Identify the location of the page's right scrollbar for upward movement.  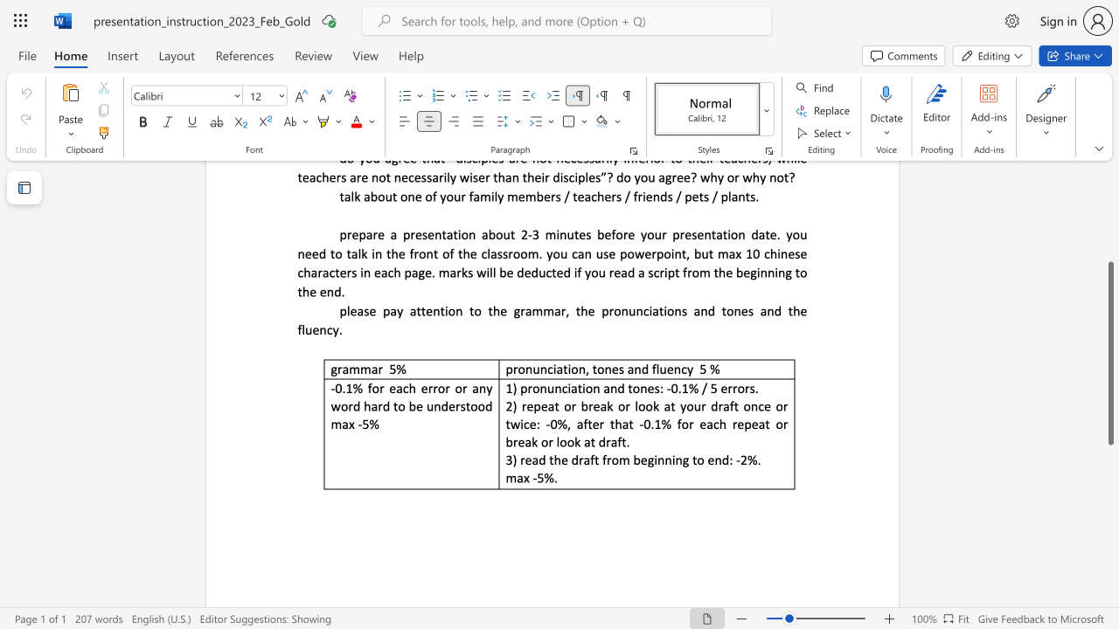
(1109, 192).